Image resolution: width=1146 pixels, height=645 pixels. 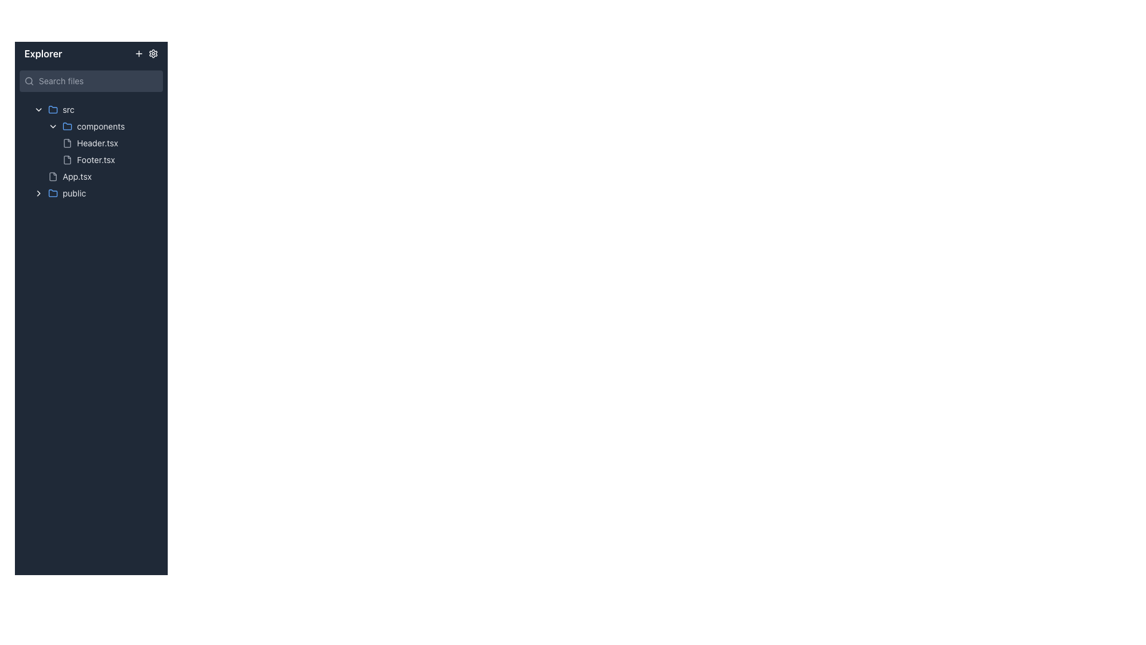 What do you see at coordinates (67, 127) in the screenshot?
I see `the SVG folder icon located near the text 'components'` at bounding box center [67, 127].